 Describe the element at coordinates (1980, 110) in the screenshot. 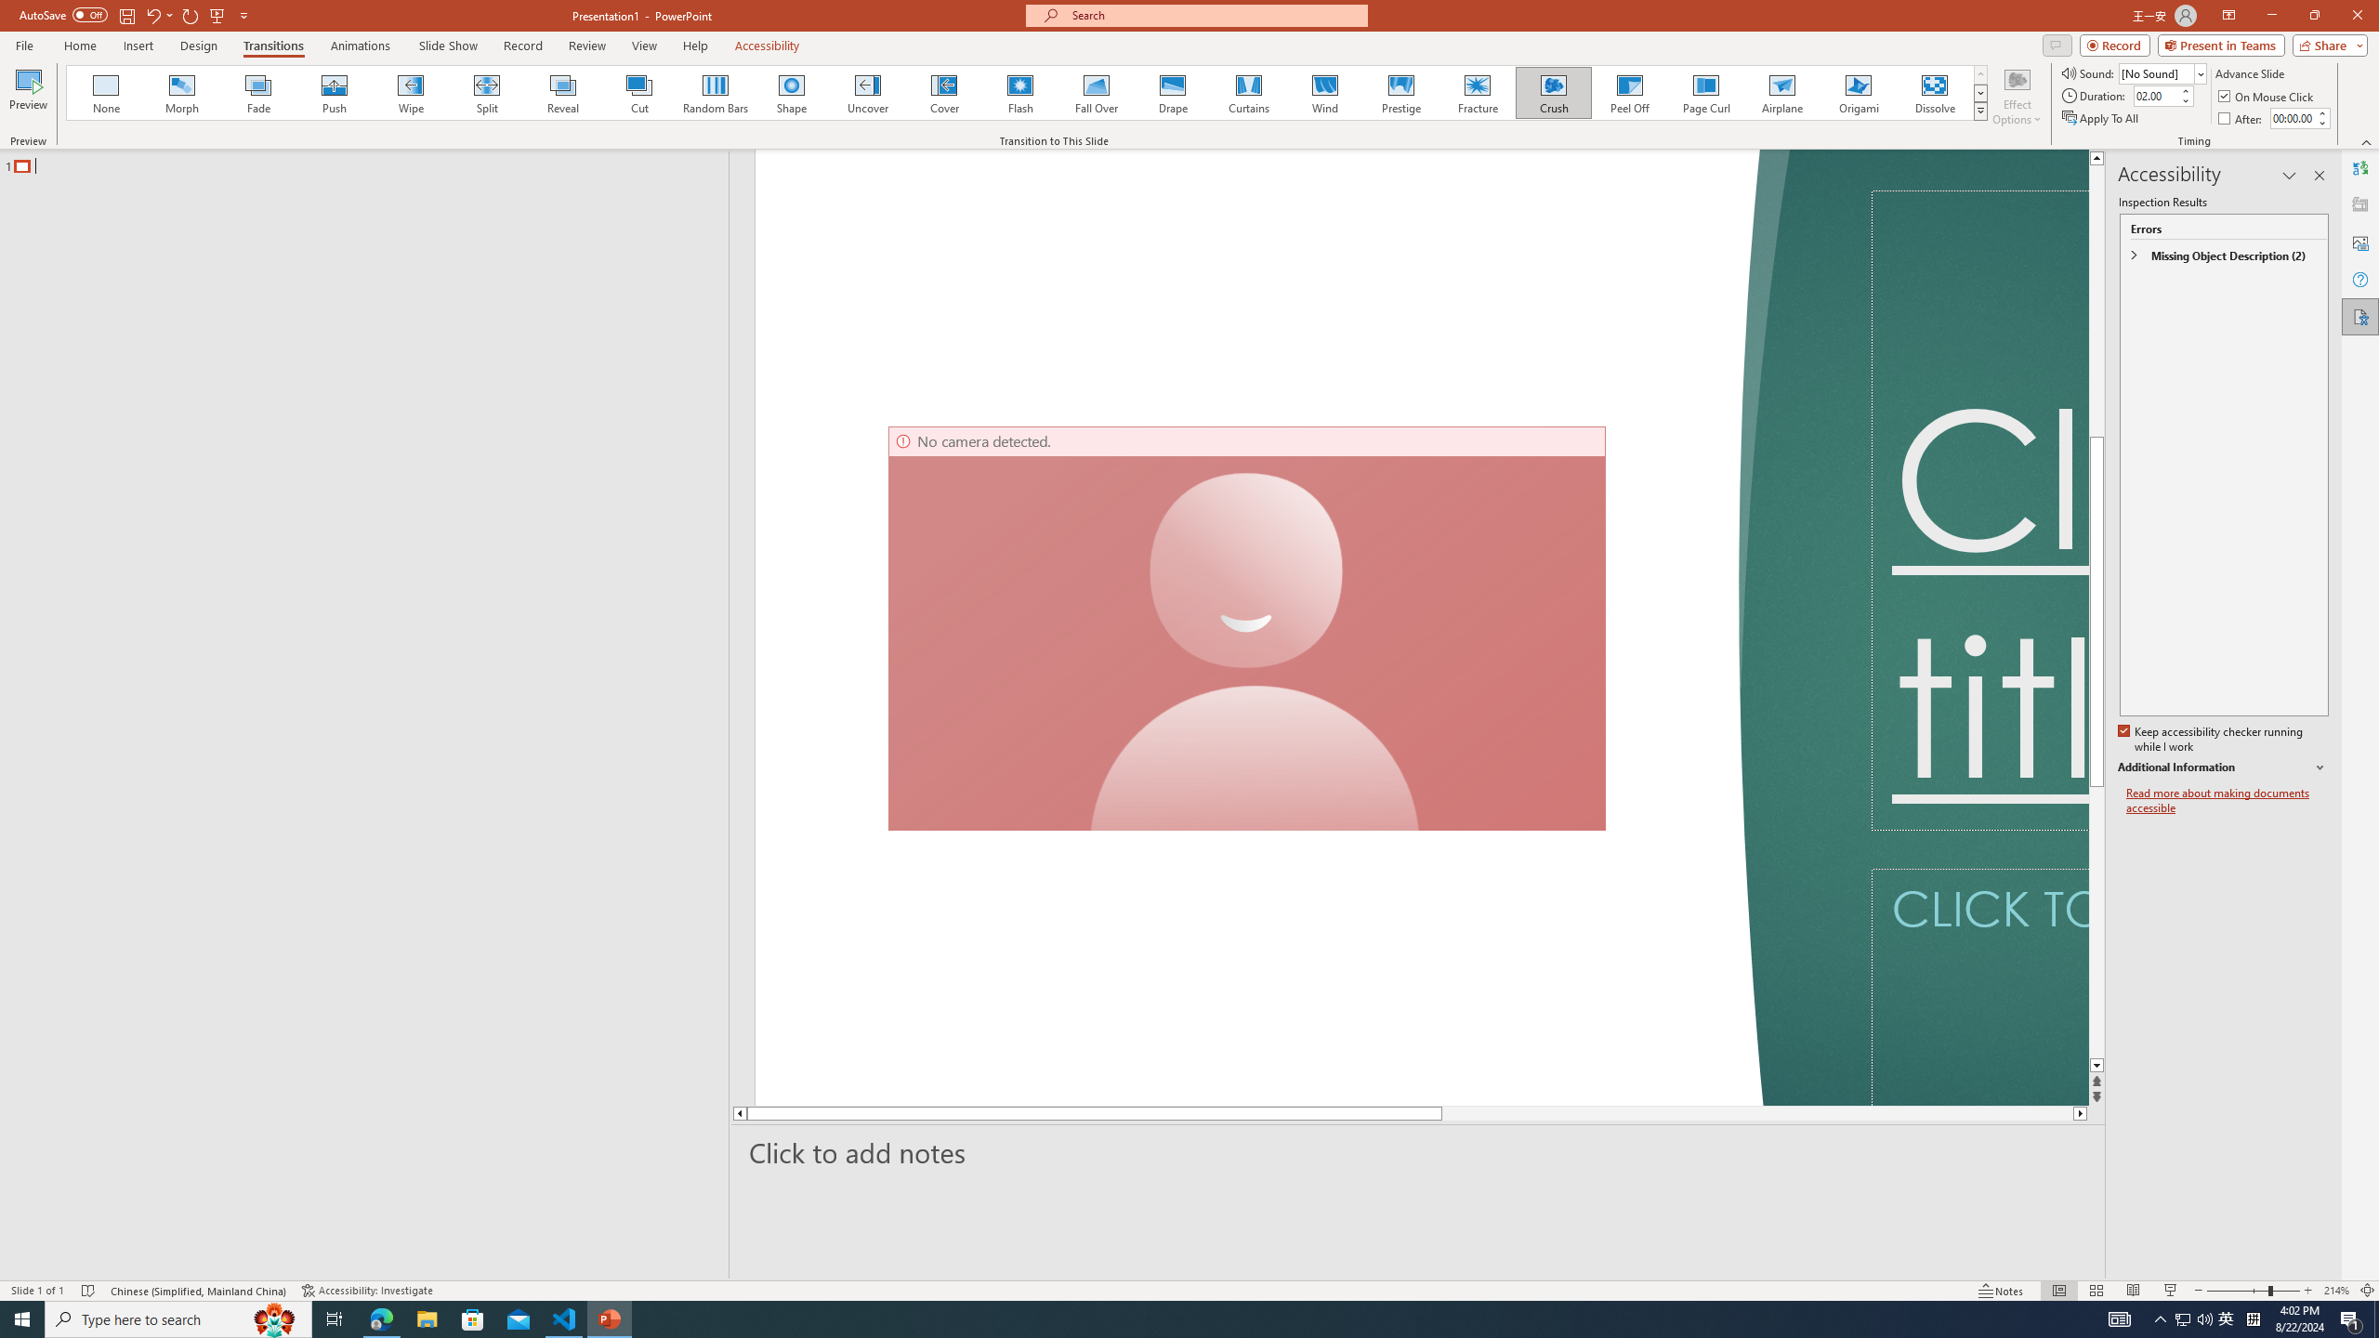

I see `'Transition Effects'` at that location.